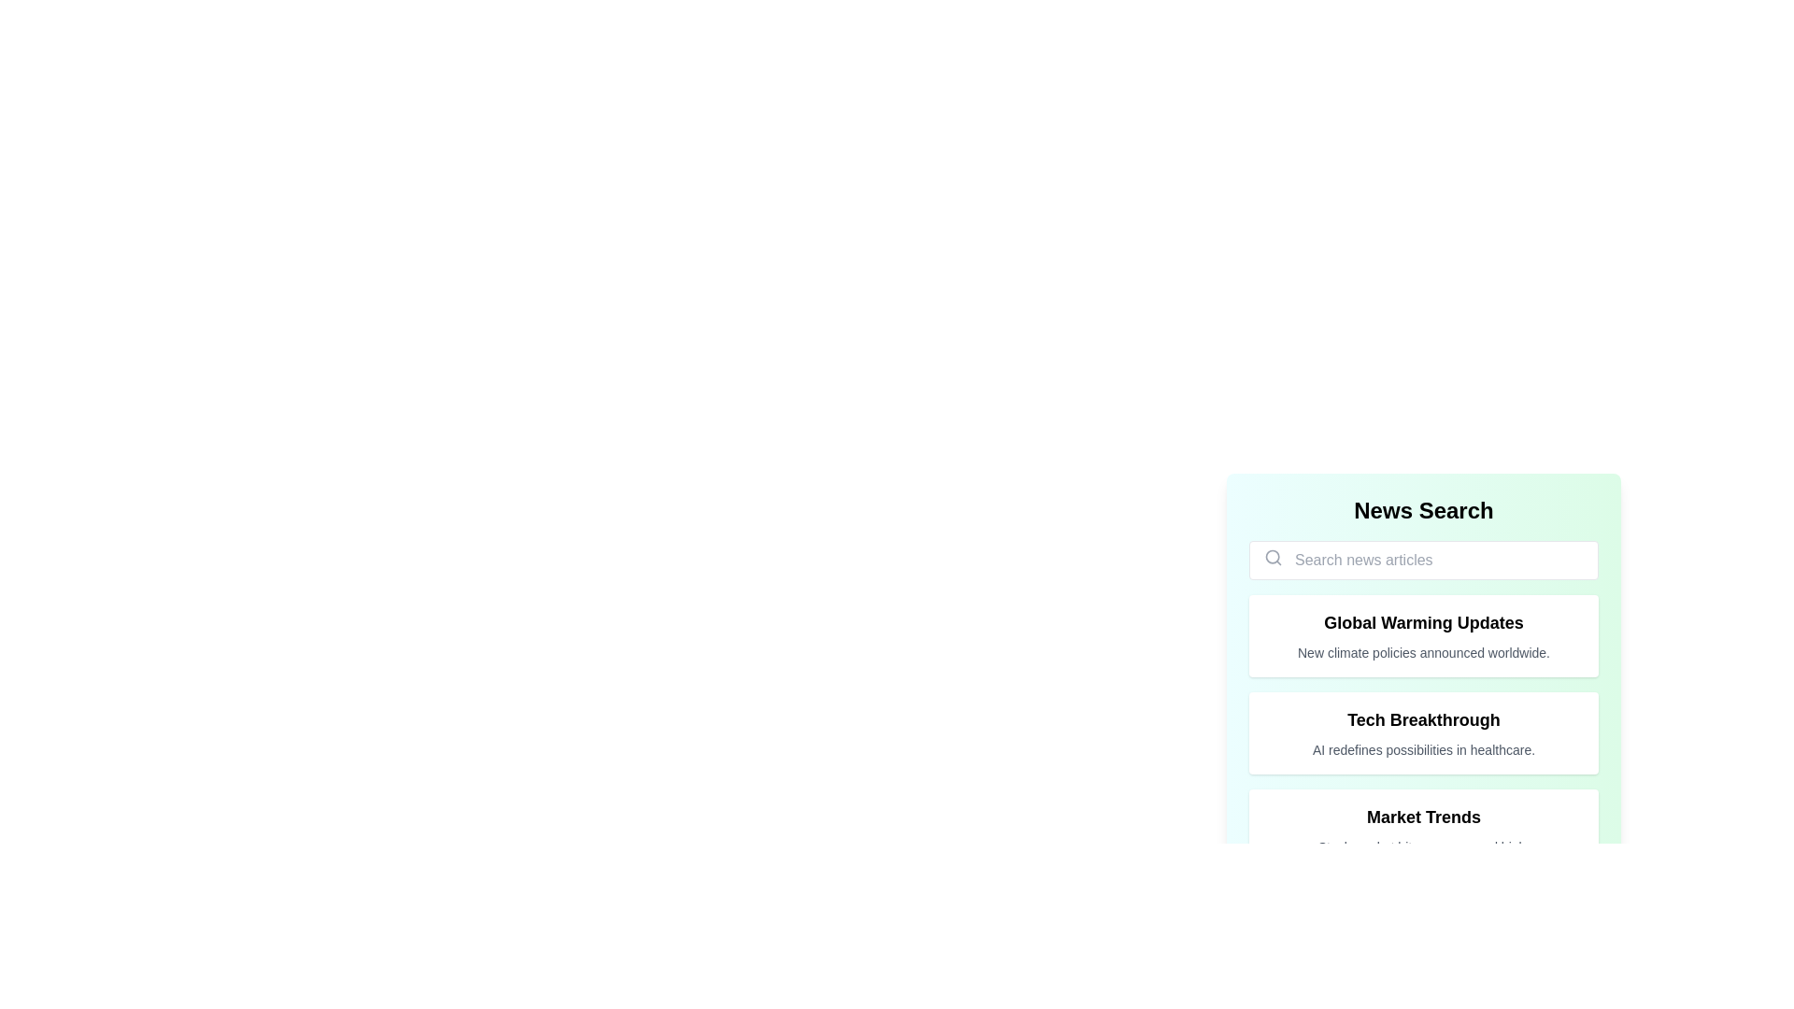 The image size is (1794, 1009). What do you see at coordinates (1272, 556) in the screenshot?
I see `the magnifying glass icon representing the search functionality in the 'News Search' interface` at bounding box center [1272, 556].